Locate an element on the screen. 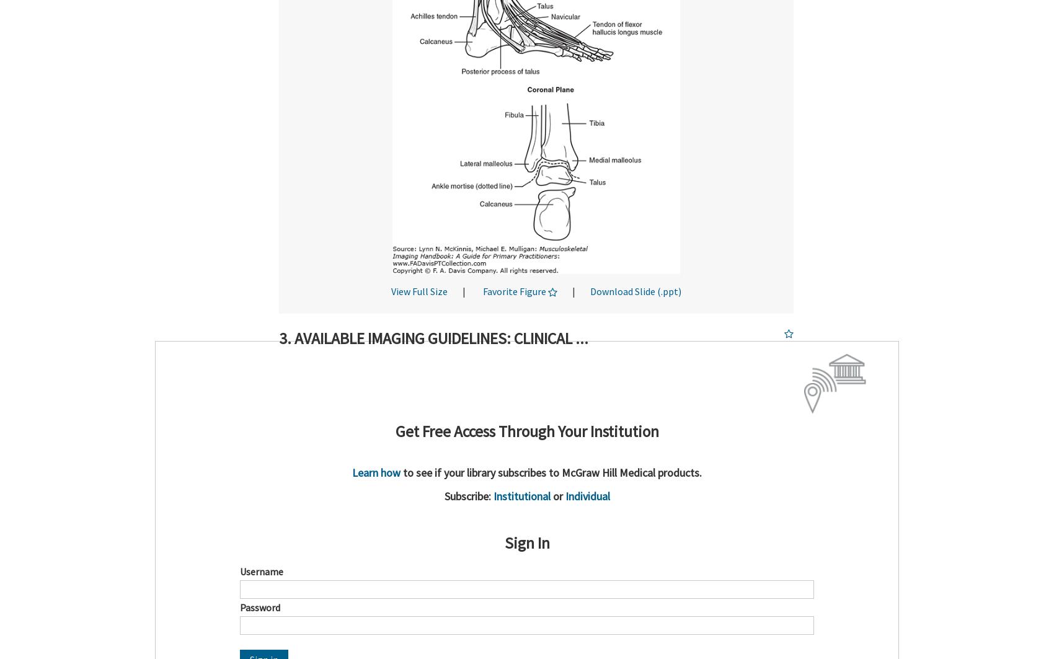  'Download Slide (.ppt)' is located at coordinates (635, 291).